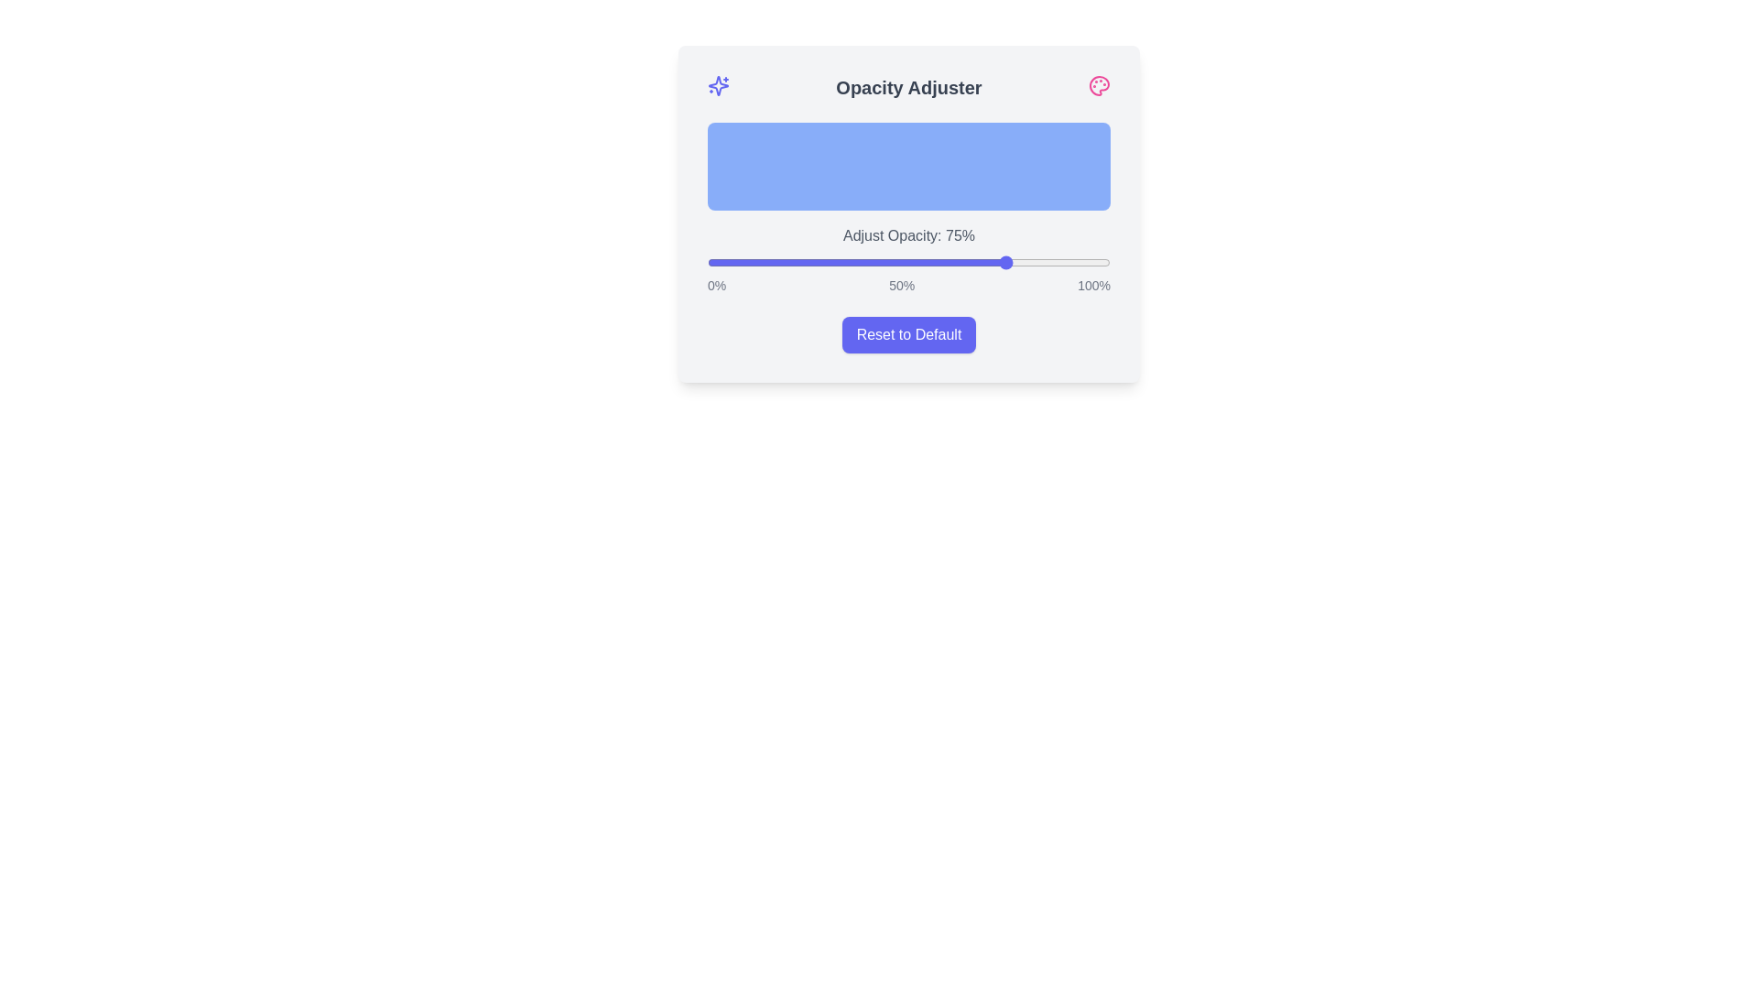 The height and width of the screenshot is (989, 1758). I want to click on the 'Reset to Default' button, so click(908, 335).